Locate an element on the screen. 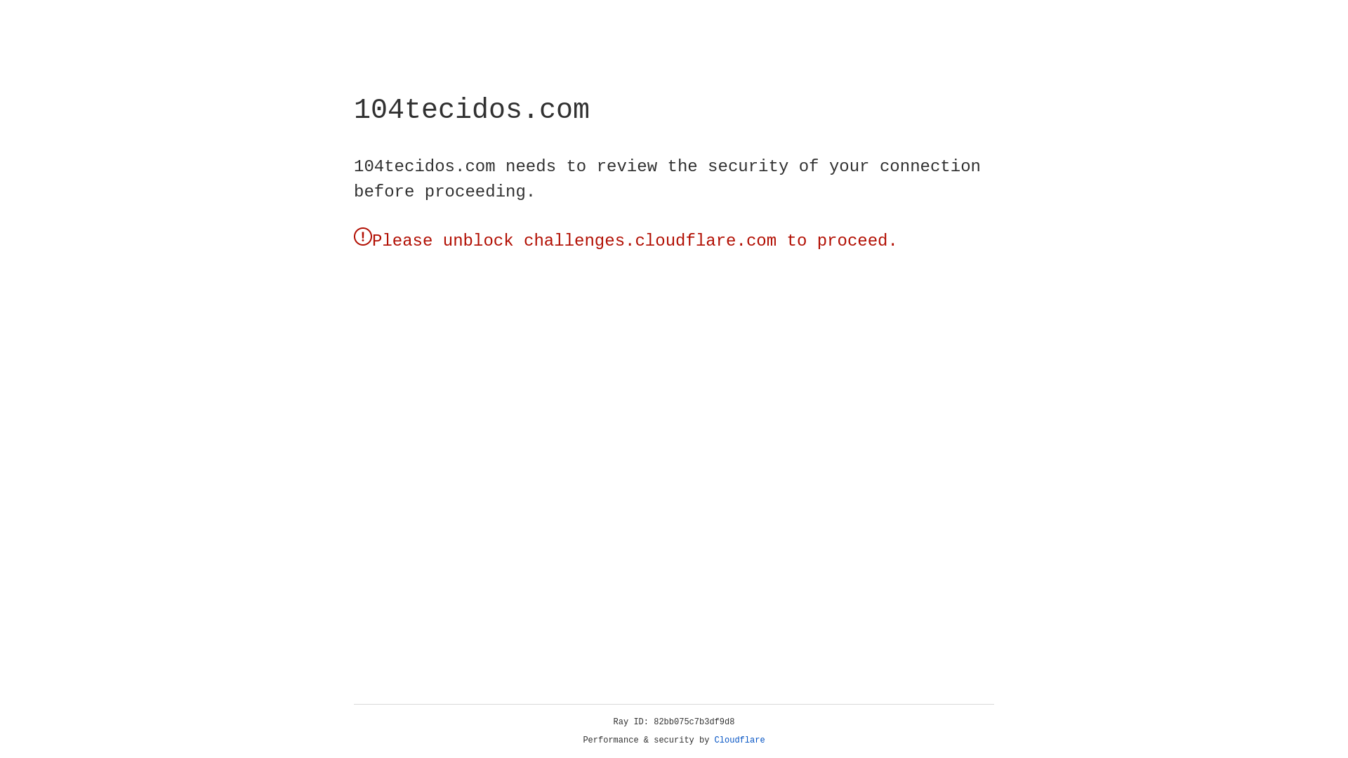  'Cloudflare' is located at coordinates (739, 740).